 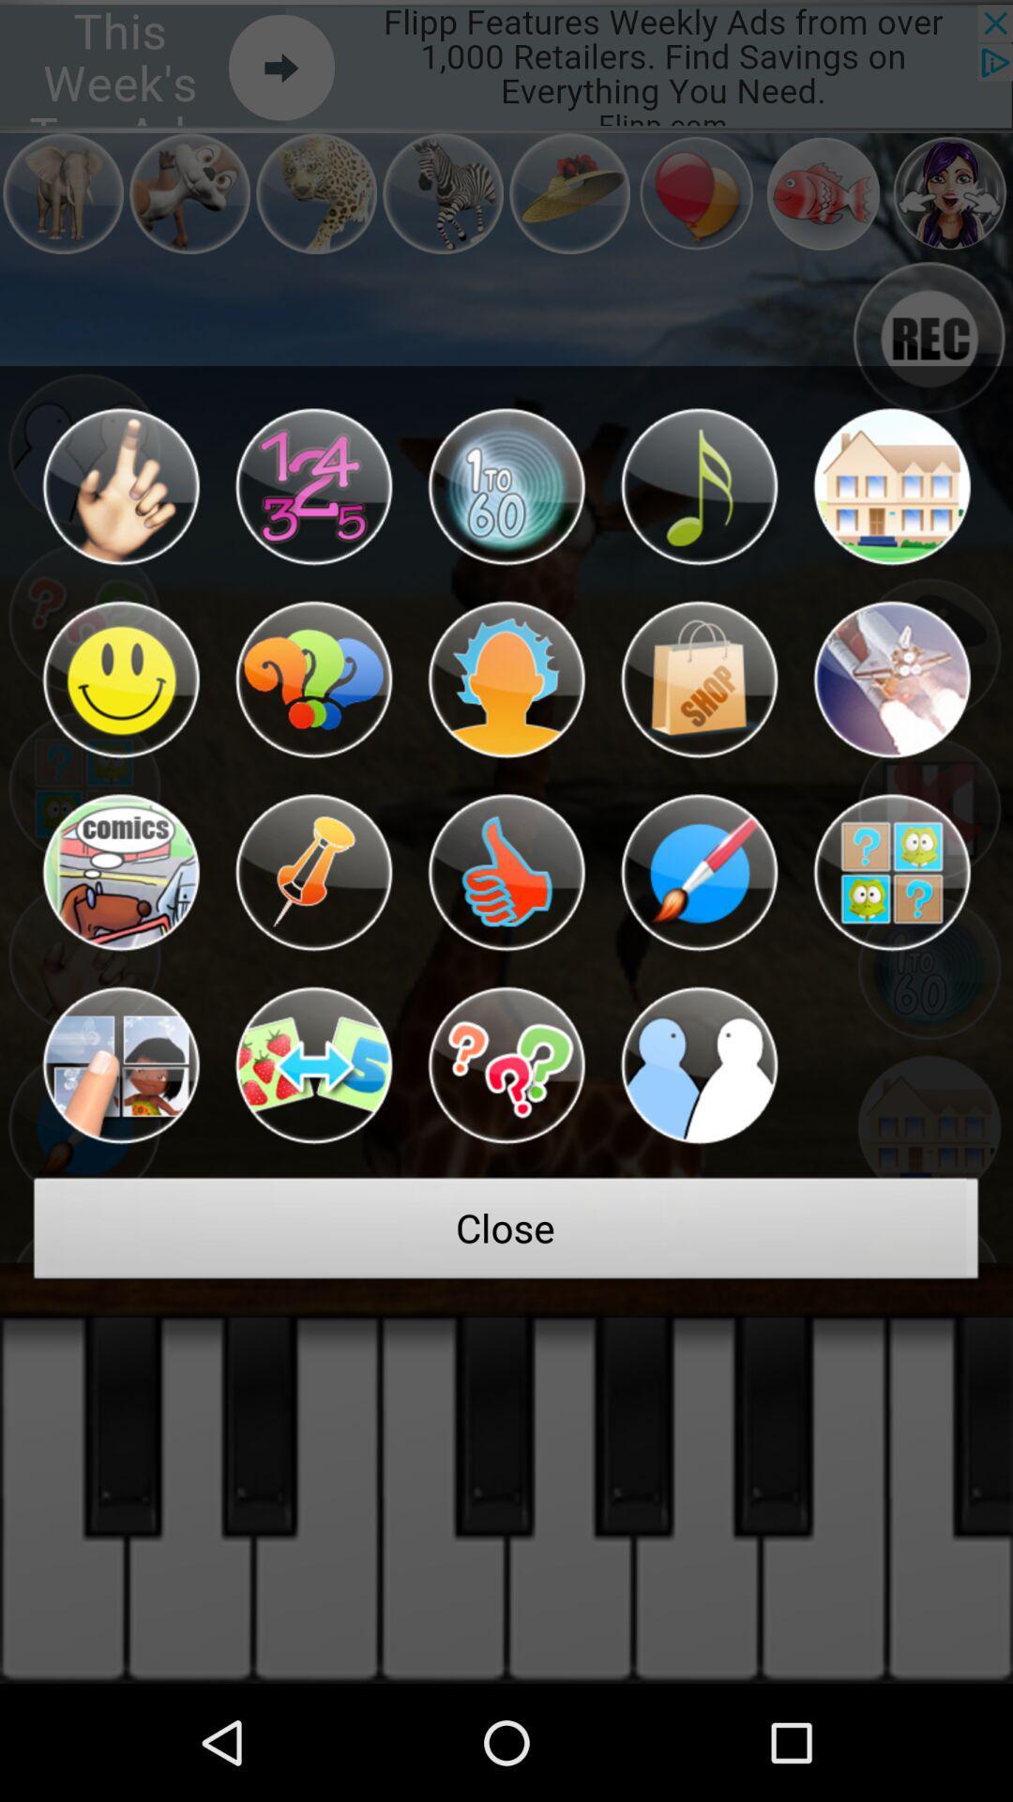 What do you see at coordinates (506, 1065) in the screenshot?
I see `ask a question` at bounding box center [506, 1065].